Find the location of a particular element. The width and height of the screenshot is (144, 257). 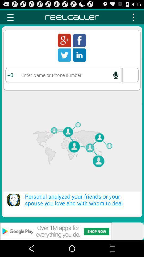

facebook is located at coordinates (79, 40).